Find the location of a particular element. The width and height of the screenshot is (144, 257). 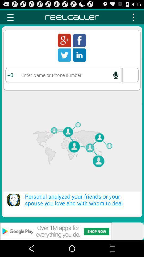

facebook is located at coordinates (79, 40).